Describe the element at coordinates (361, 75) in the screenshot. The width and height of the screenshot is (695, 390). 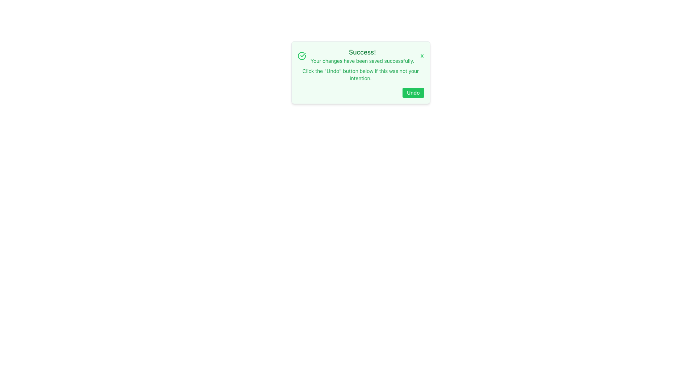
I see `the Text Label that provides guidance for the 'Undo' action located within a notification card after the title 'Success!'` at that location.